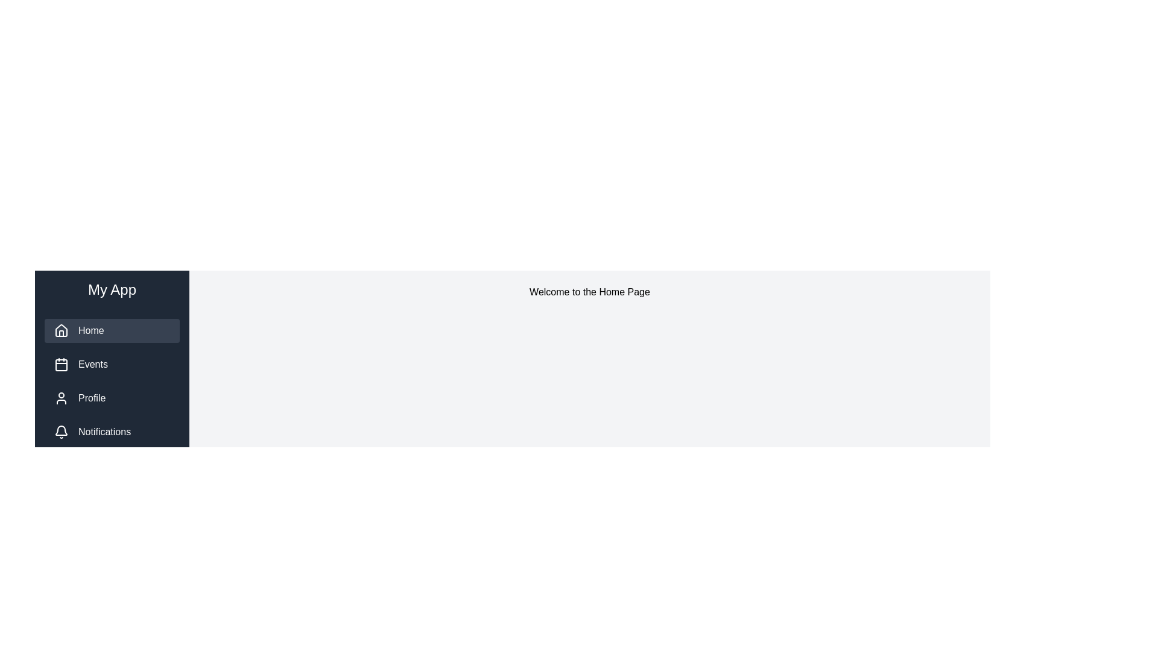  I want to click on the 'Profile' menu option in the left side navigation panel, so click(91, 398).